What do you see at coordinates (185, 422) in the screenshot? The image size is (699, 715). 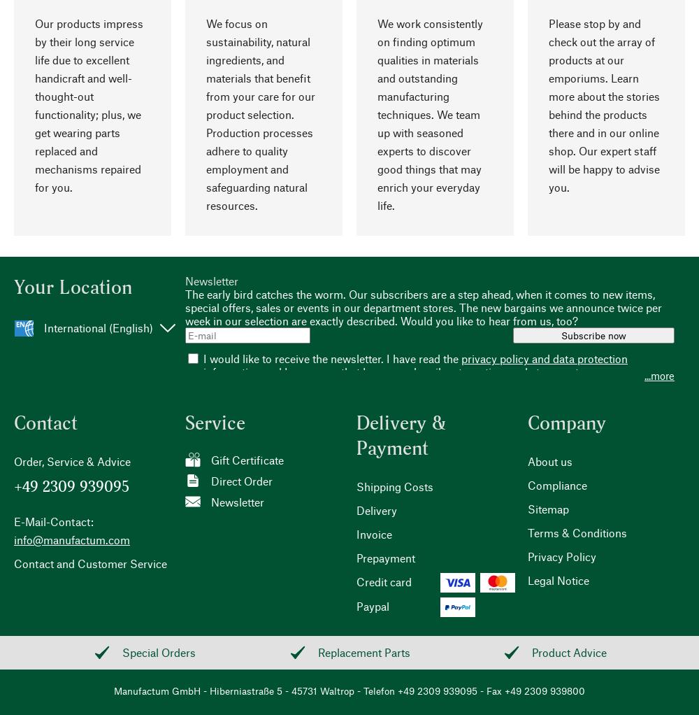 I see `'Service'` at bounding box center [185, 422].